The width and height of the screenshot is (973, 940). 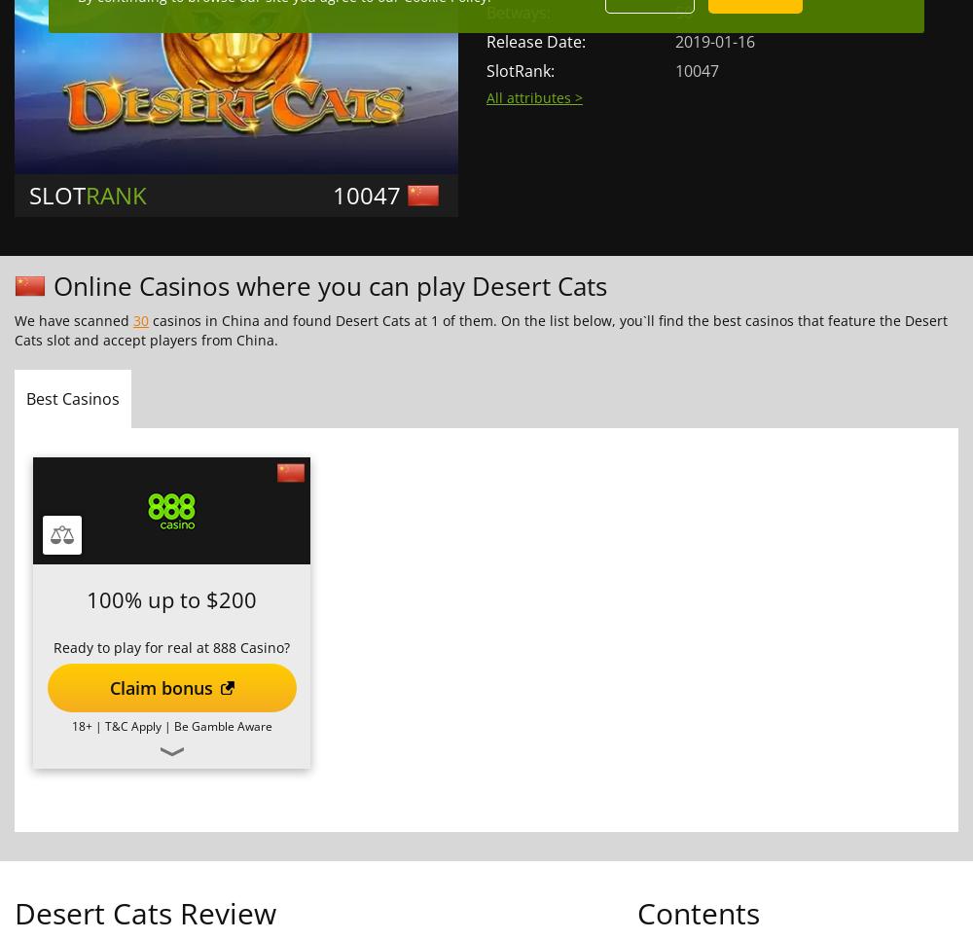 I want to click on 'Best Casinos', so click(x=72, y=398).